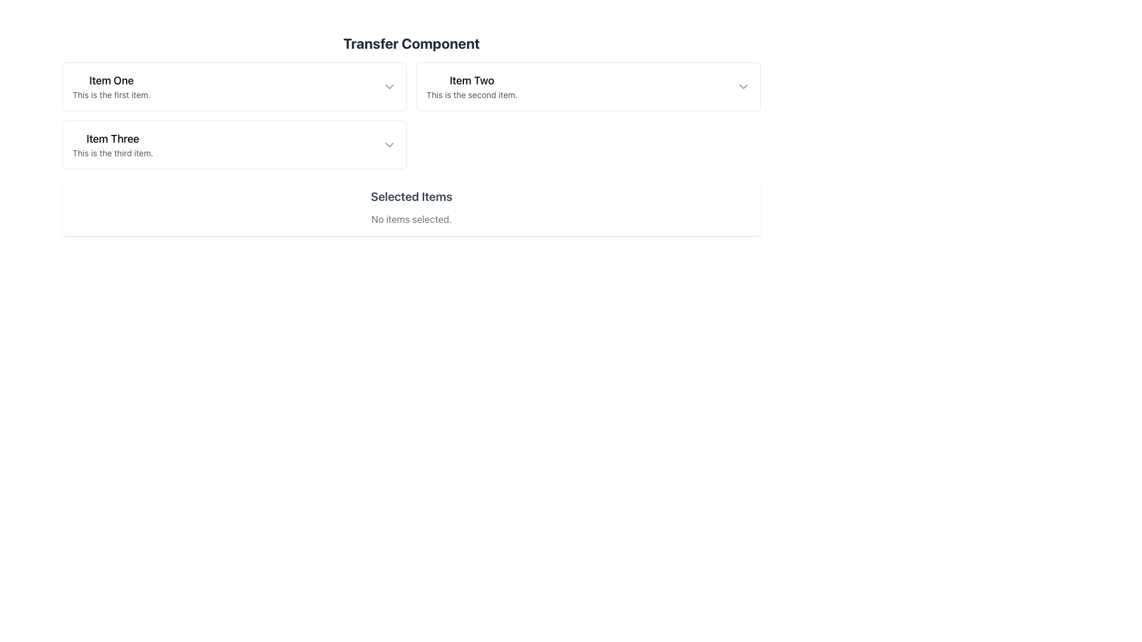  What do you see at coordinates (234, 144) in the screenshot?
I see `the third selectable card` at bounding box center [234, 144].